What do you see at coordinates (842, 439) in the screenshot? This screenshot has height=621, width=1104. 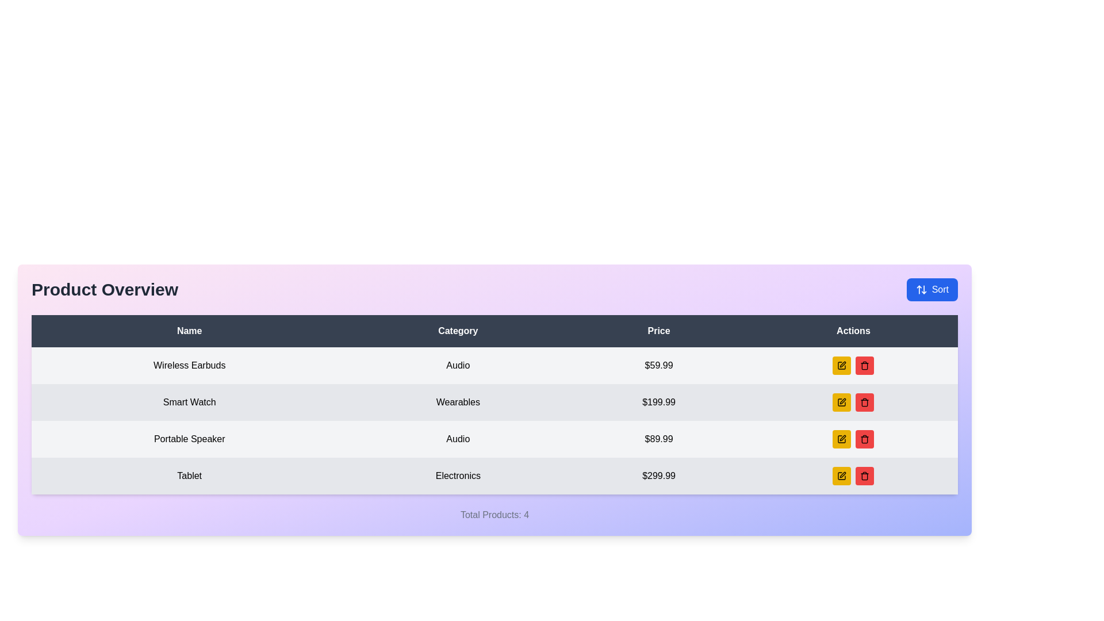 I see `the edit action icon located in the 'Actions' column of the third row, which corresponds to 'Portable Speaker'` at bounding box center [842, 439].